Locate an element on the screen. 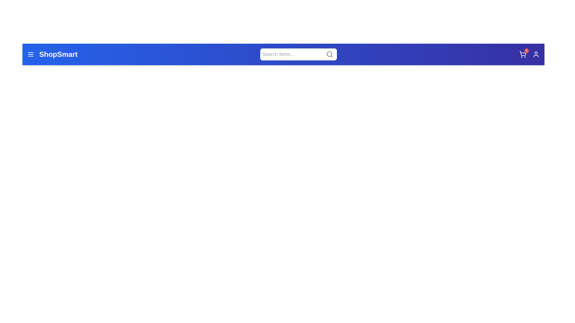 This screenshot has height=323, width=575. the shopping cart badge to view cart details is located at coordinates (526, 50).